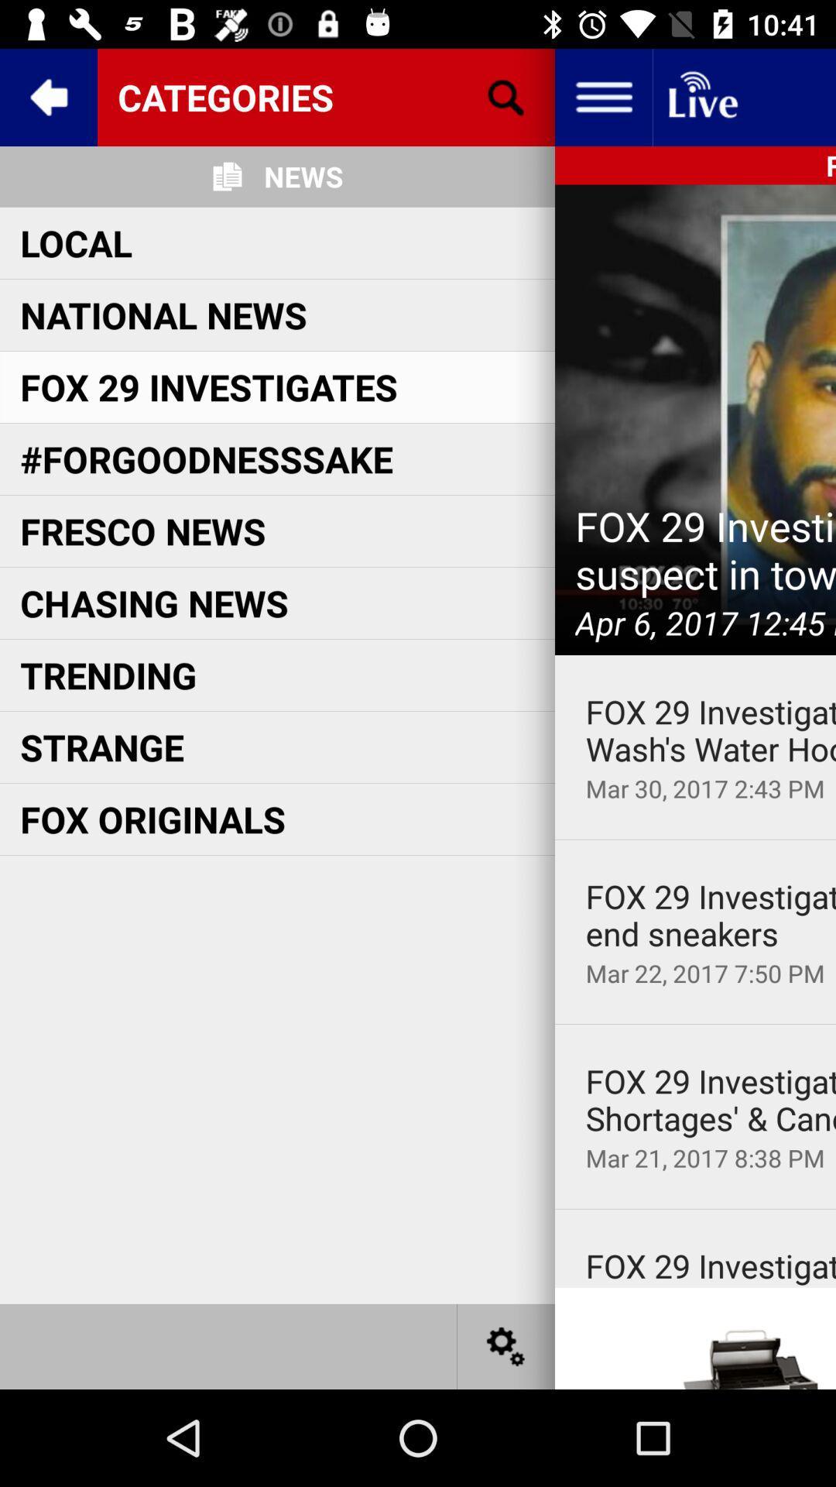 The width and height of the screenshot is (836, 1487). I want to click on the settings icon, so click(506, 1345).